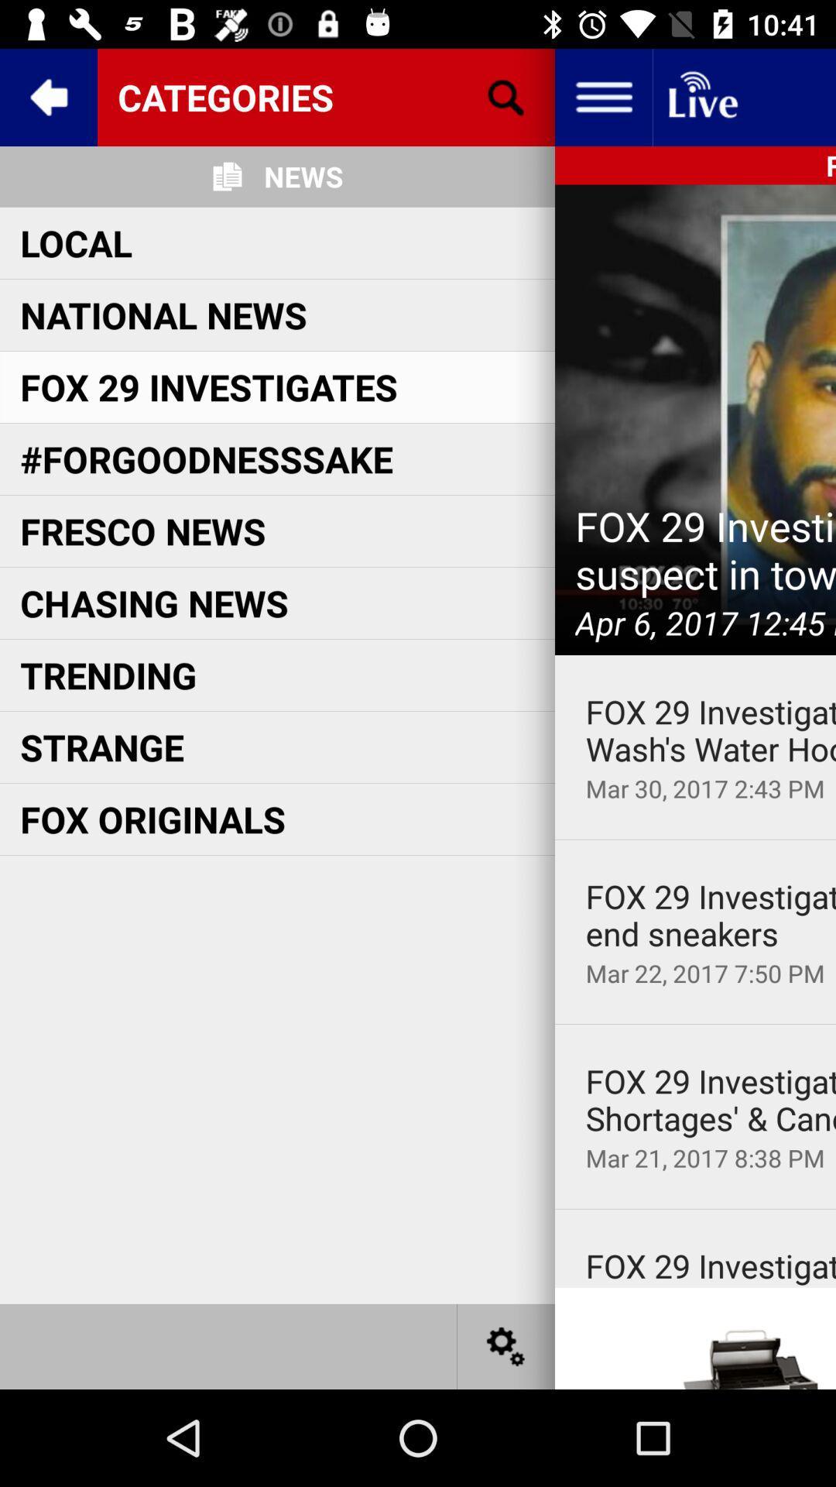 The width and height of the screenshot is (836, 1487). I want to click on the settings icon, so click(506, 1345).